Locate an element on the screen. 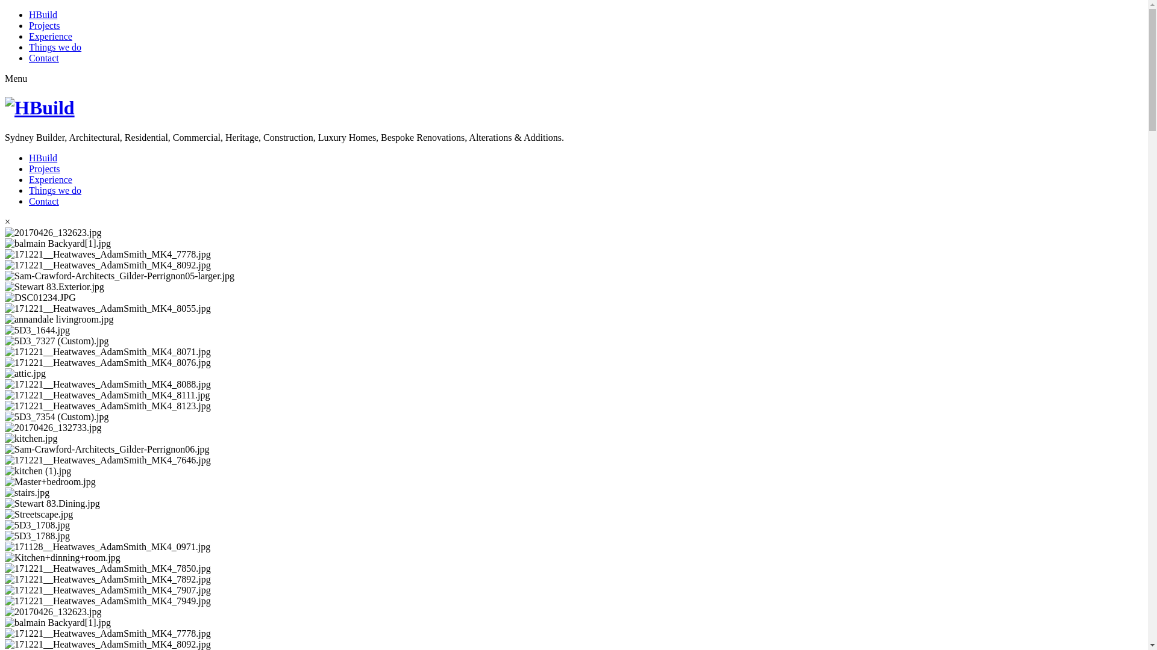  'HBuild' is located at coordinates (43, 157).